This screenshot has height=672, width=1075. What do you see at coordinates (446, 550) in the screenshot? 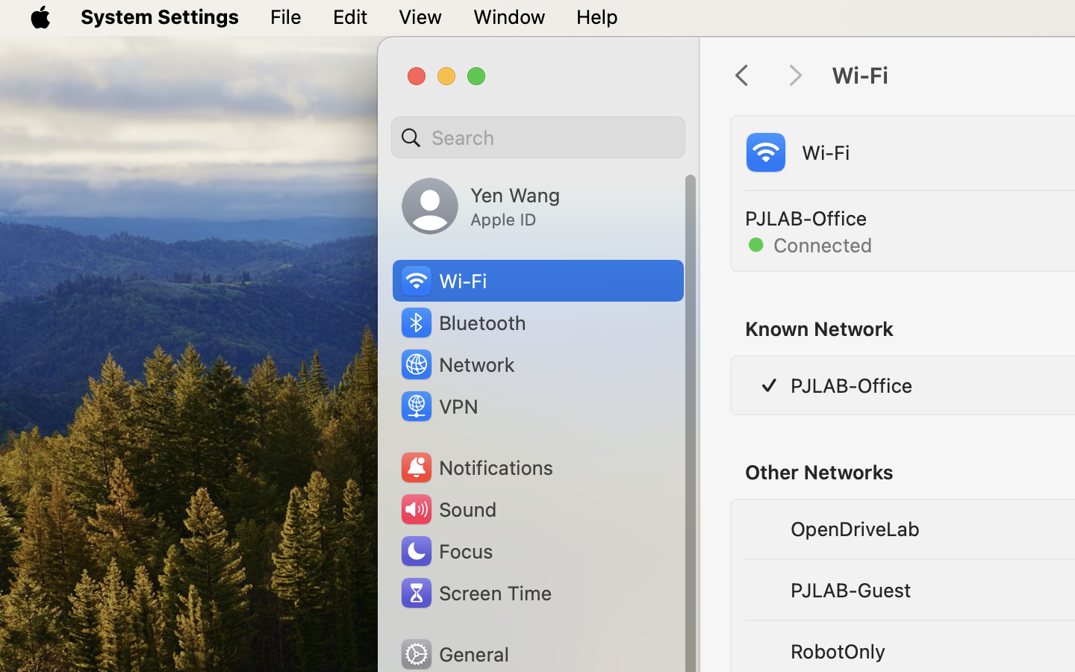
I see `'Focus'` at bounding box center [446, 550].